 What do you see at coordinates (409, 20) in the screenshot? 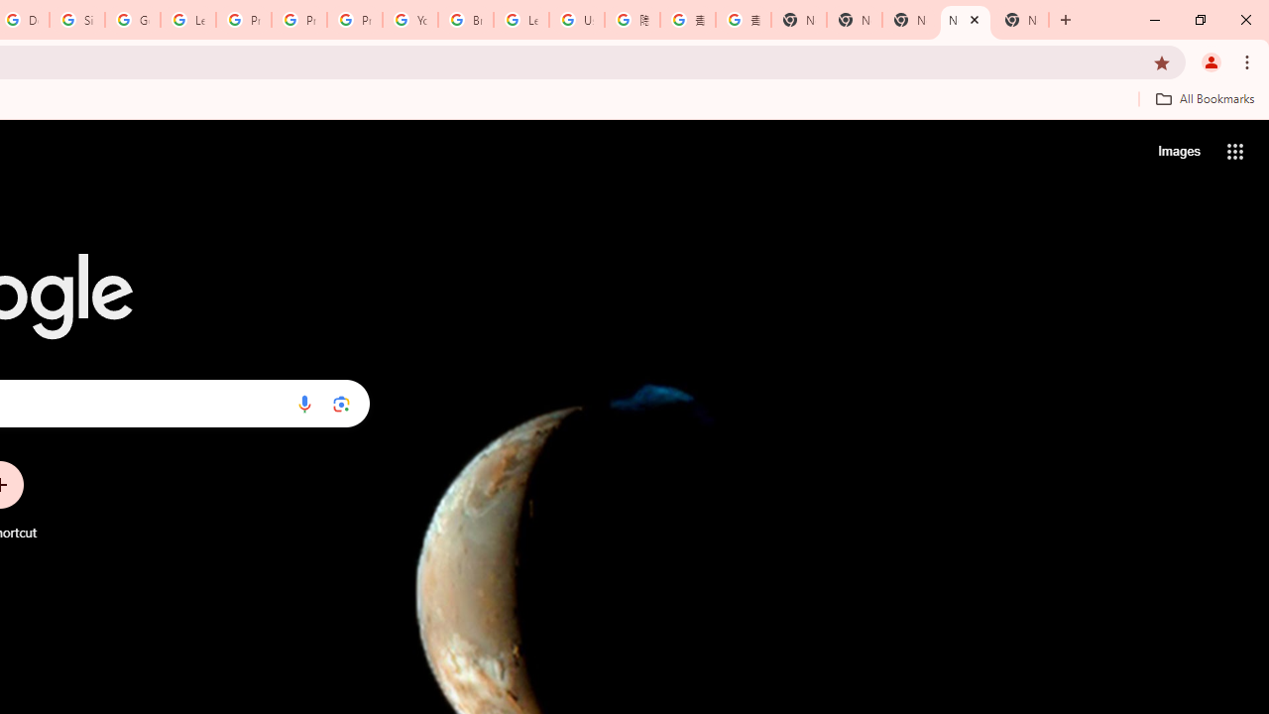
I see `'YouTube'` at bounding box center [409, 20].